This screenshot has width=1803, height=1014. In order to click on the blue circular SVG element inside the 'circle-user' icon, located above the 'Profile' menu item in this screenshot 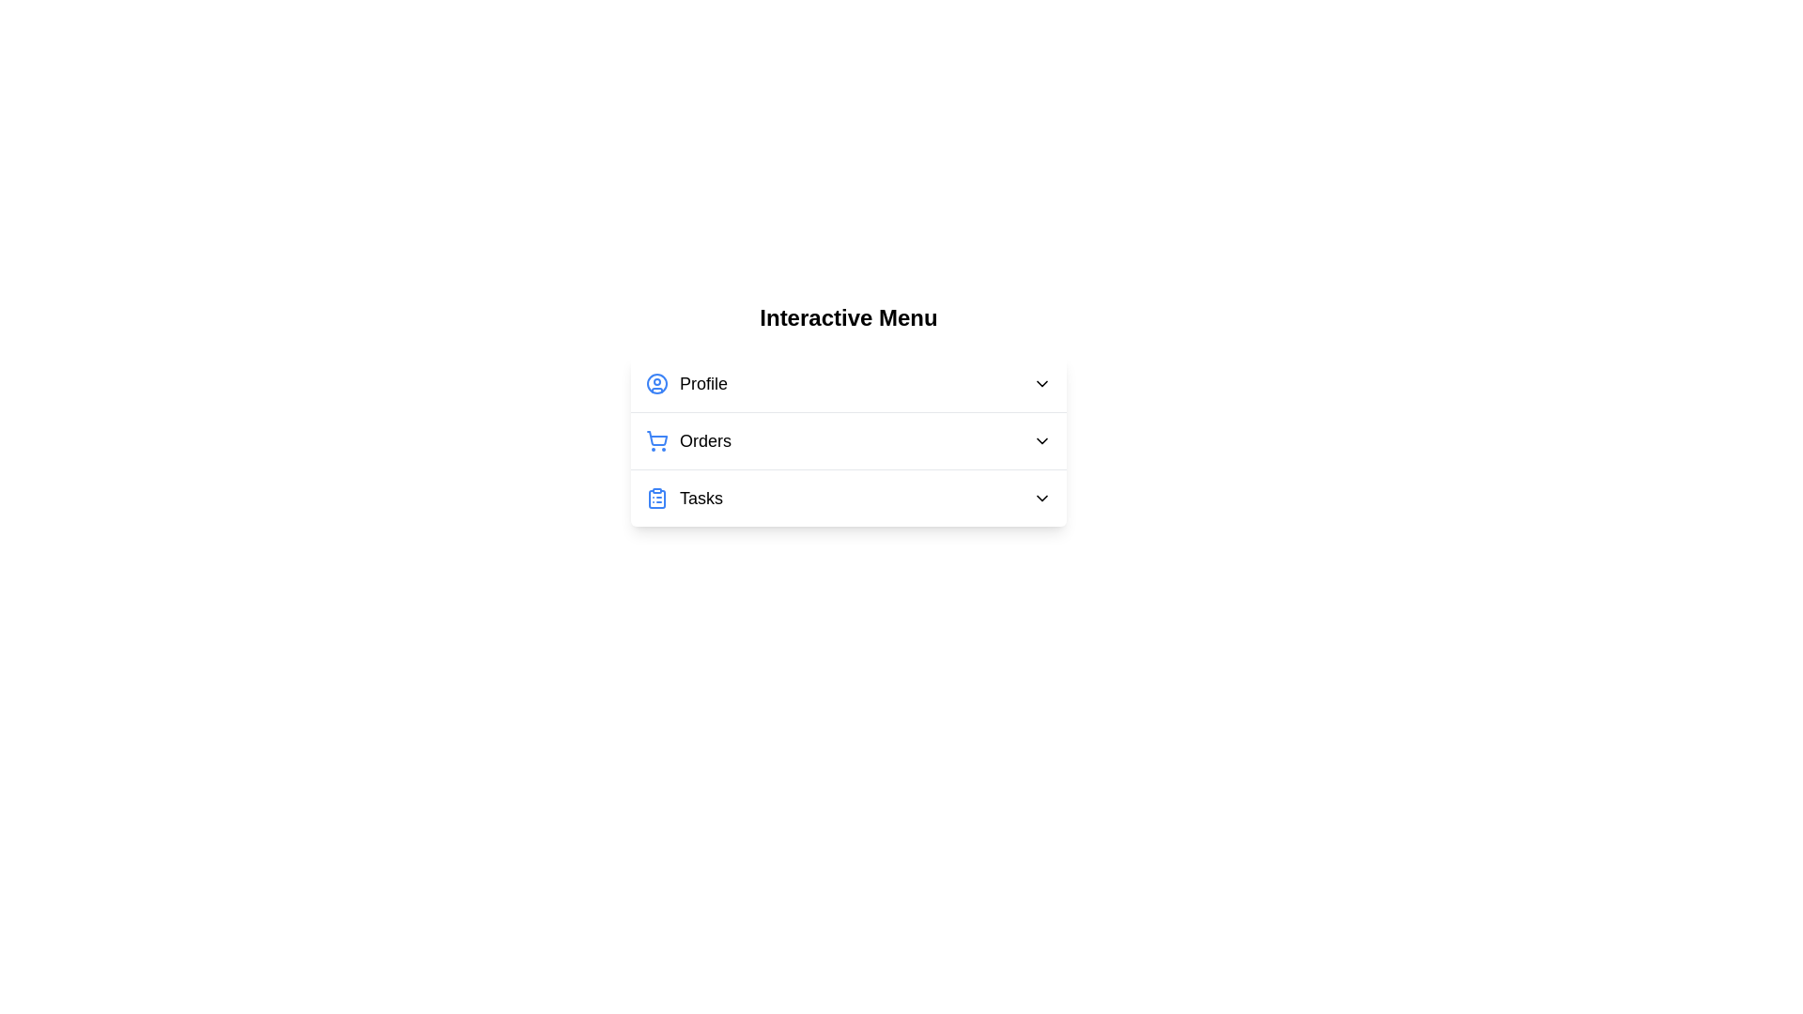, I will do `click(657, 382)`.